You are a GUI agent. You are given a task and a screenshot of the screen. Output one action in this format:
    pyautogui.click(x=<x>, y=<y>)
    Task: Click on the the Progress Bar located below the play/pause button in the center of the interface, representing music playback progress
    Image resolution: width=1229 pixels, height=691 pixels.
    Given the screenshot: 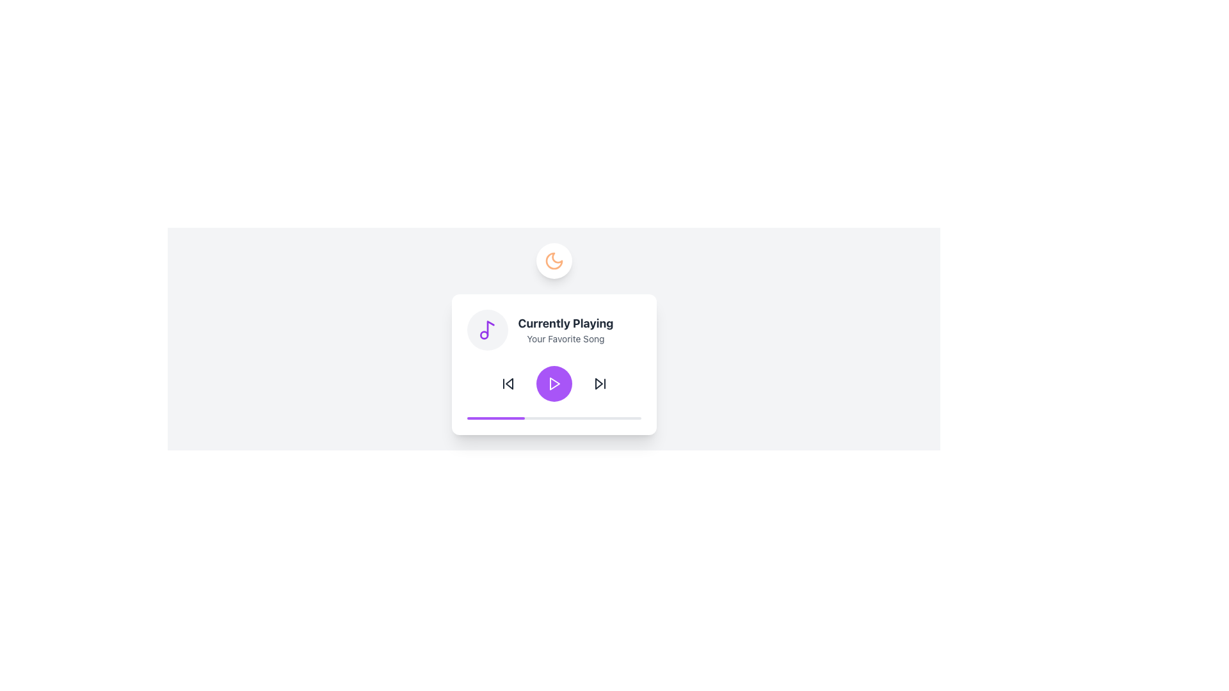 What is the action you would take?
    pyautogui.click(x=554, y=418)
    